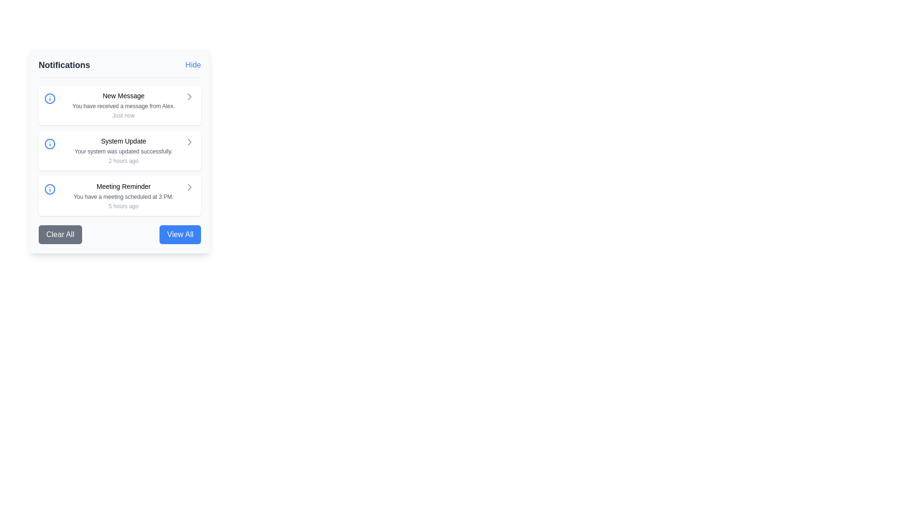 The height and width of the screenshot is (510, 906). I want to click on the navigational button next to the 'Meeting Reminder' notification to potentially display a tooltip, so click(189, 187).